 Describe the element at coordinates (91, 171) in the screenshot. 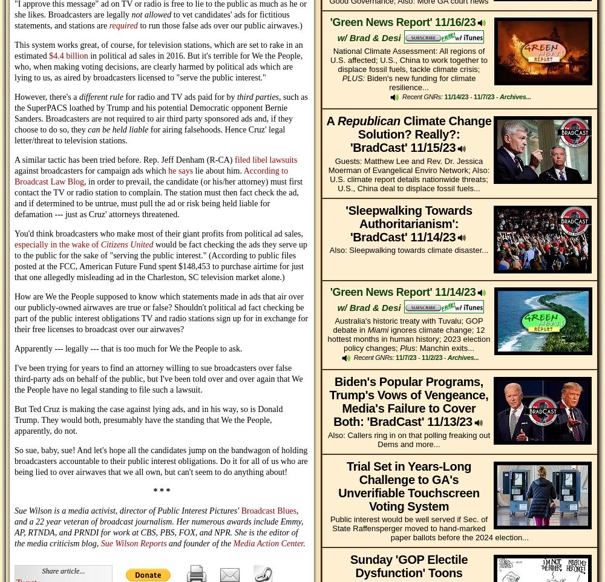

I see `'against broadcasters for campaign ads which'` at that location.